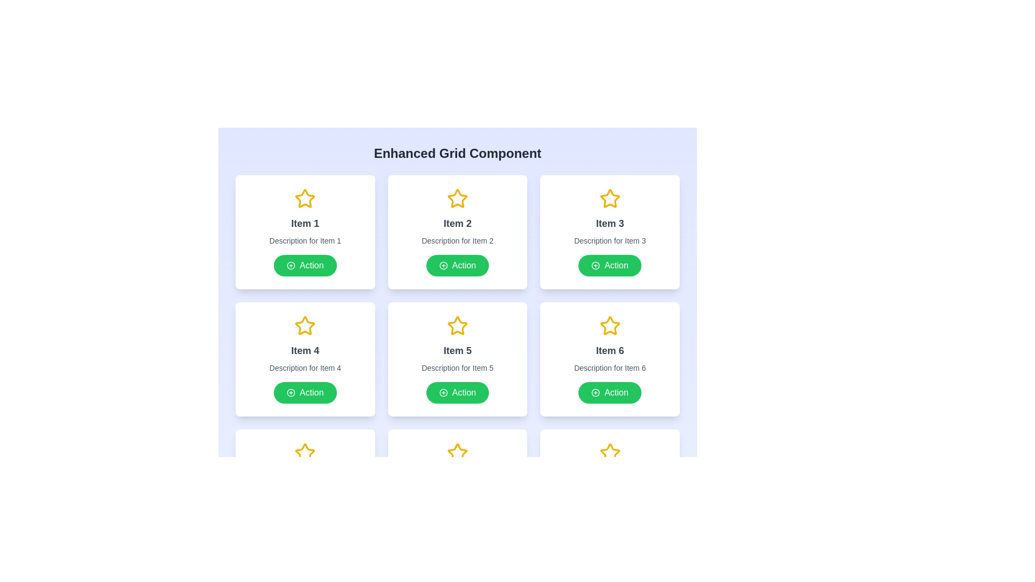 This screenshot has width=1035, height=582. I want to click on the graphical icon located within the 'Action' button under the 'Item 6' card in the grid layout, which is the last button in the second row, so click(595, 393).